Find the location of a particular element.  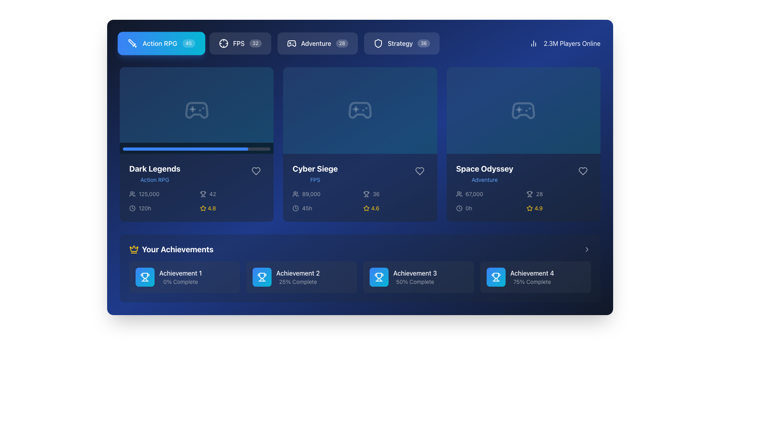

the static text displaying the number '42' that is located under the trophy icon in the 'Dark Legends' card is located at coordinates (213, 194).